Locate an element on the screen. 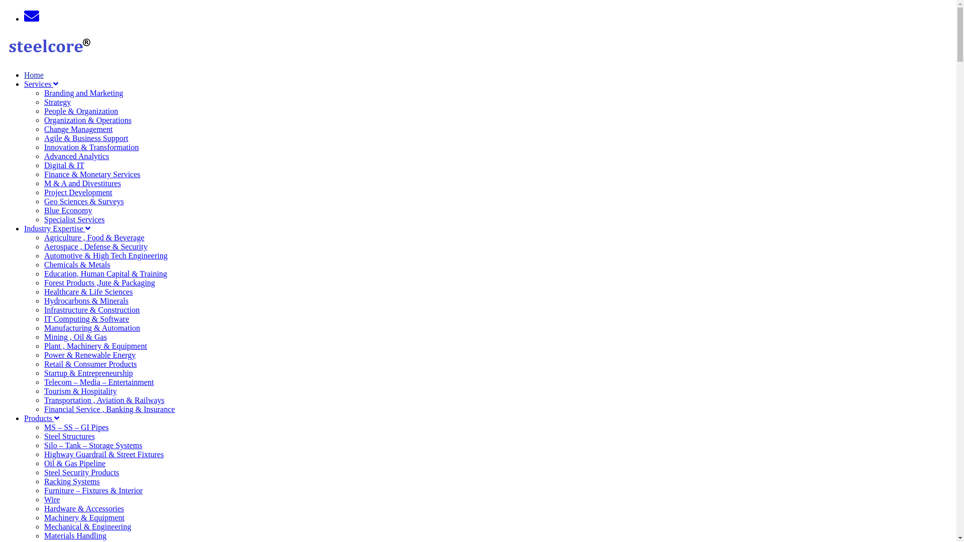  'Transportation , Aviation & Railways' is located at coordinates (104, 399).